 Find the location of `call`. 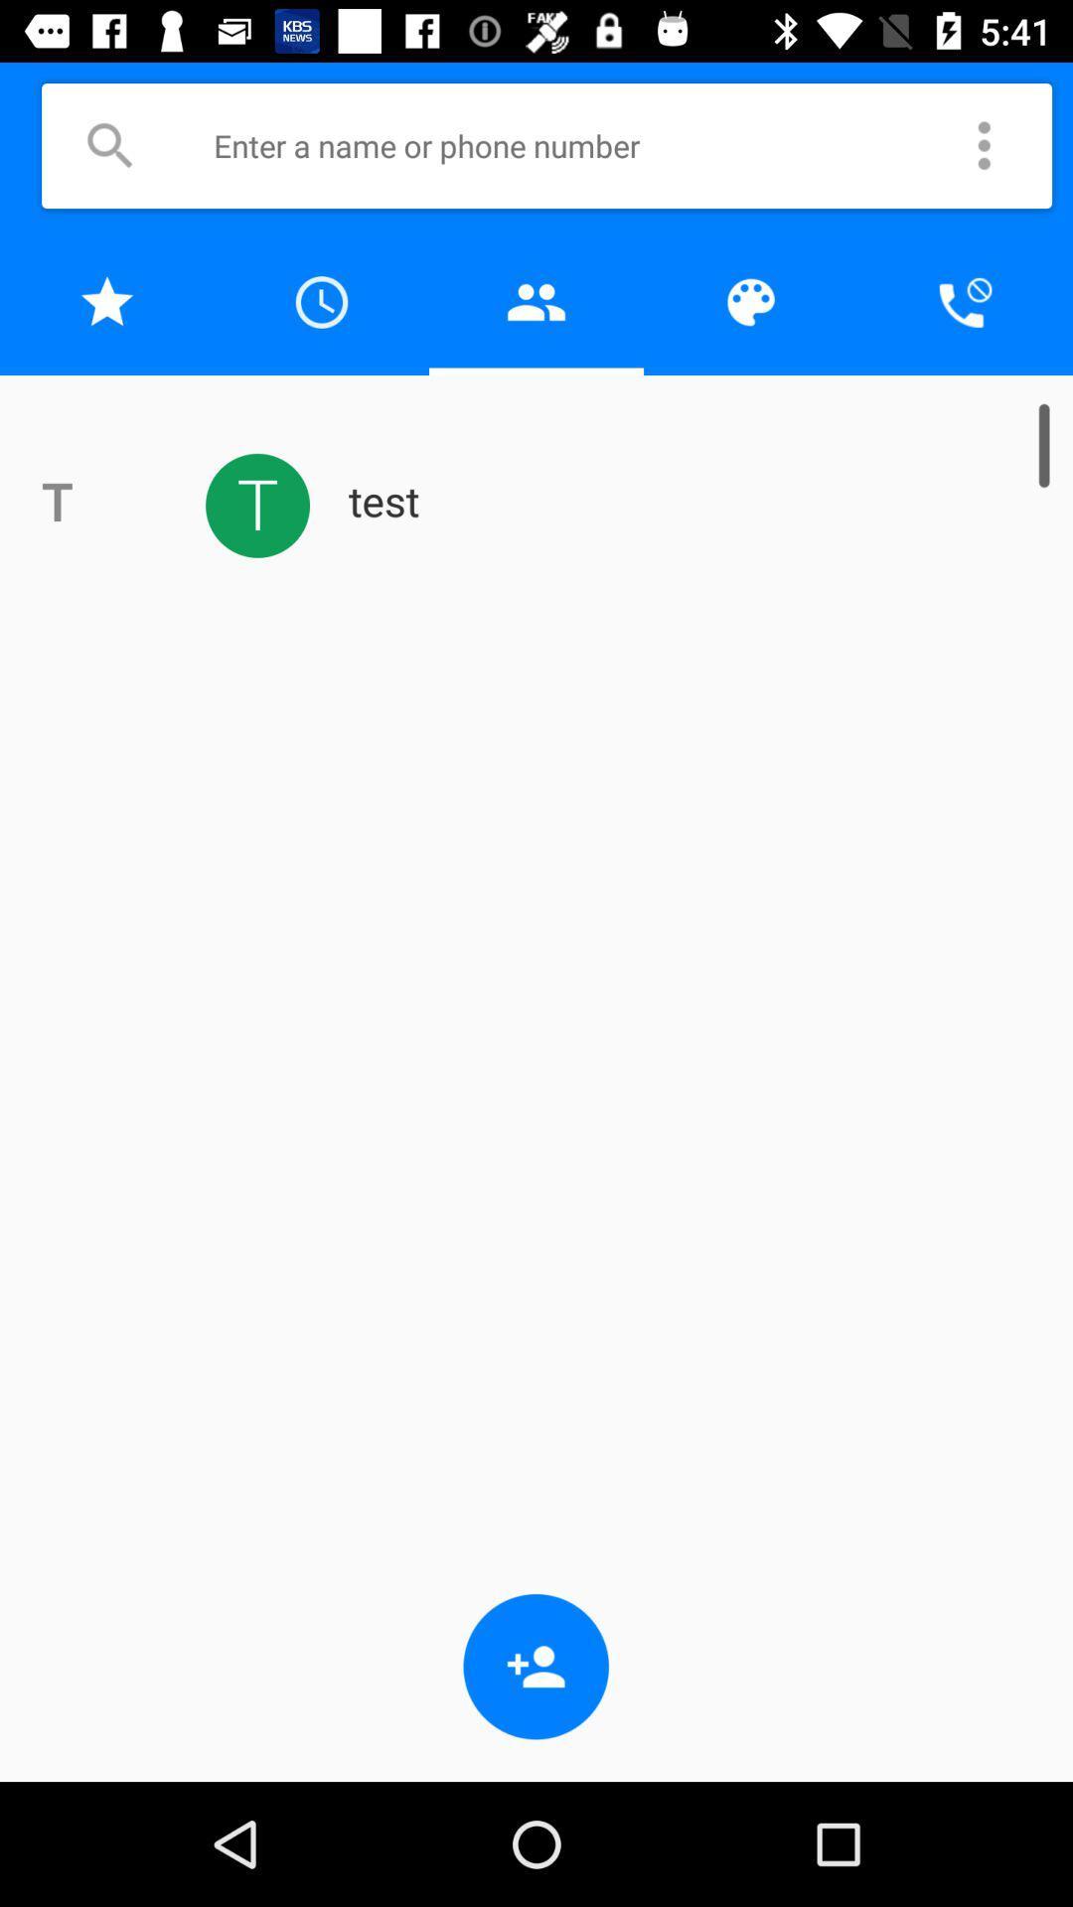

call is located at coordinates (965, 301).